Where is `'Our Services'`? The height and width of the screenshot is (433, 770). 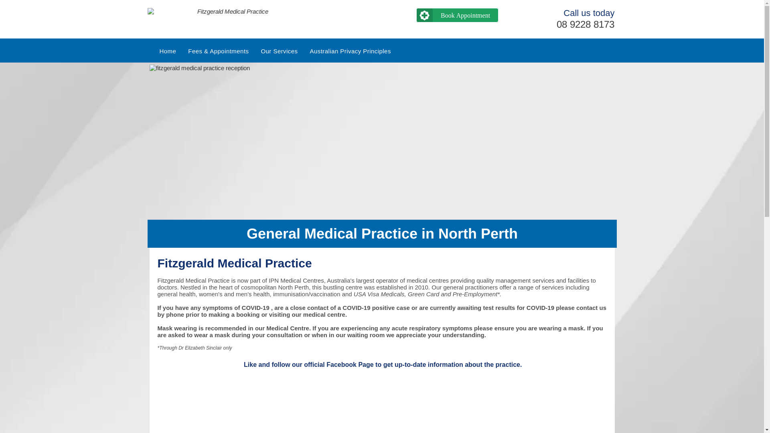
'Our Services' is located at coordinates (279, 51).